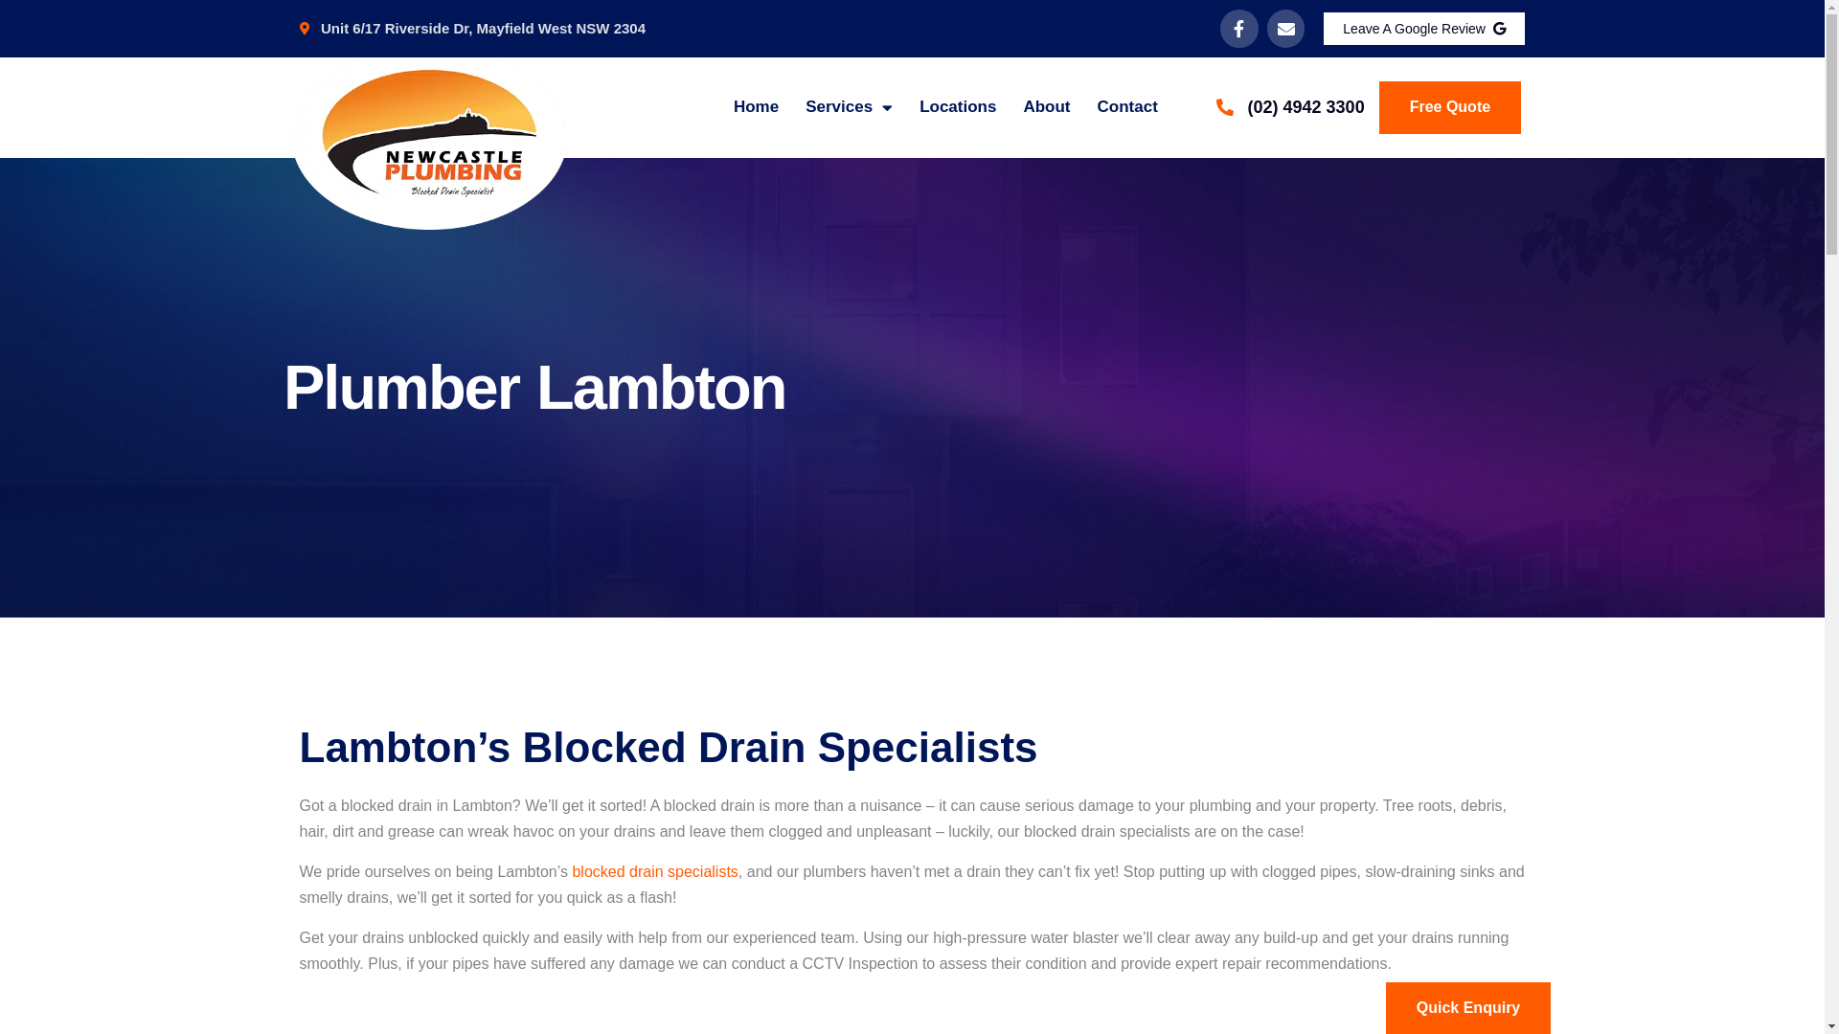 Image resolution: width=1839 pixels, height=1034 pixels. Describe the element at coordinates (1424, 29) in the screenshot. I see `'Leave A Google Review'` at that location.